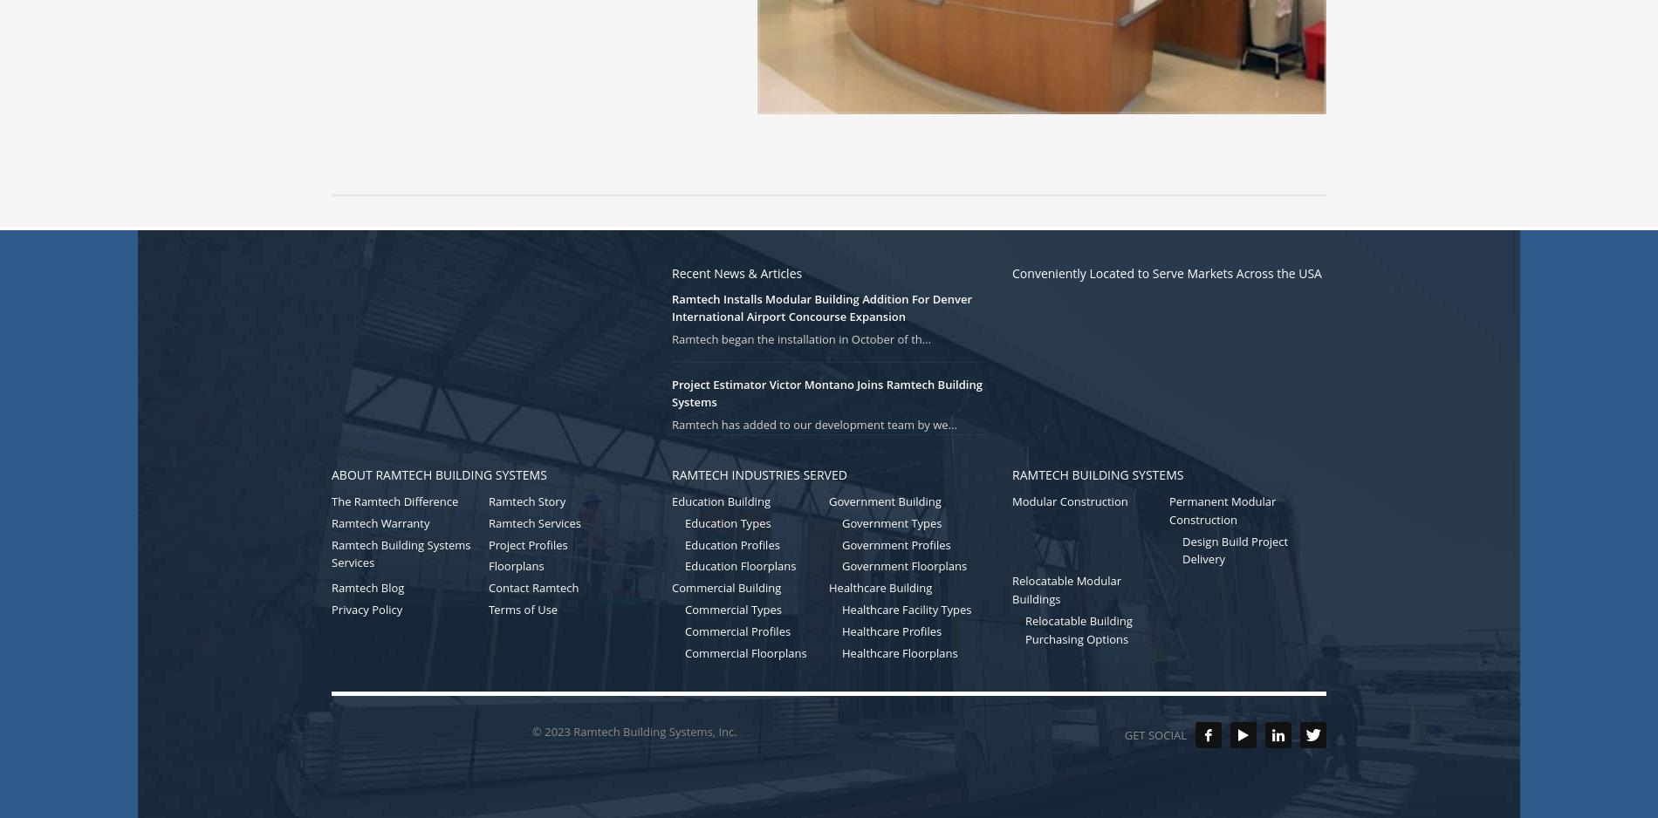 The width and height of the screenshot is (1658, 818). Describe the element at coordinates (1166, 271) in the screenshot. I see `'Conveniently Located to Serve Markets Across the USA'` at that location.